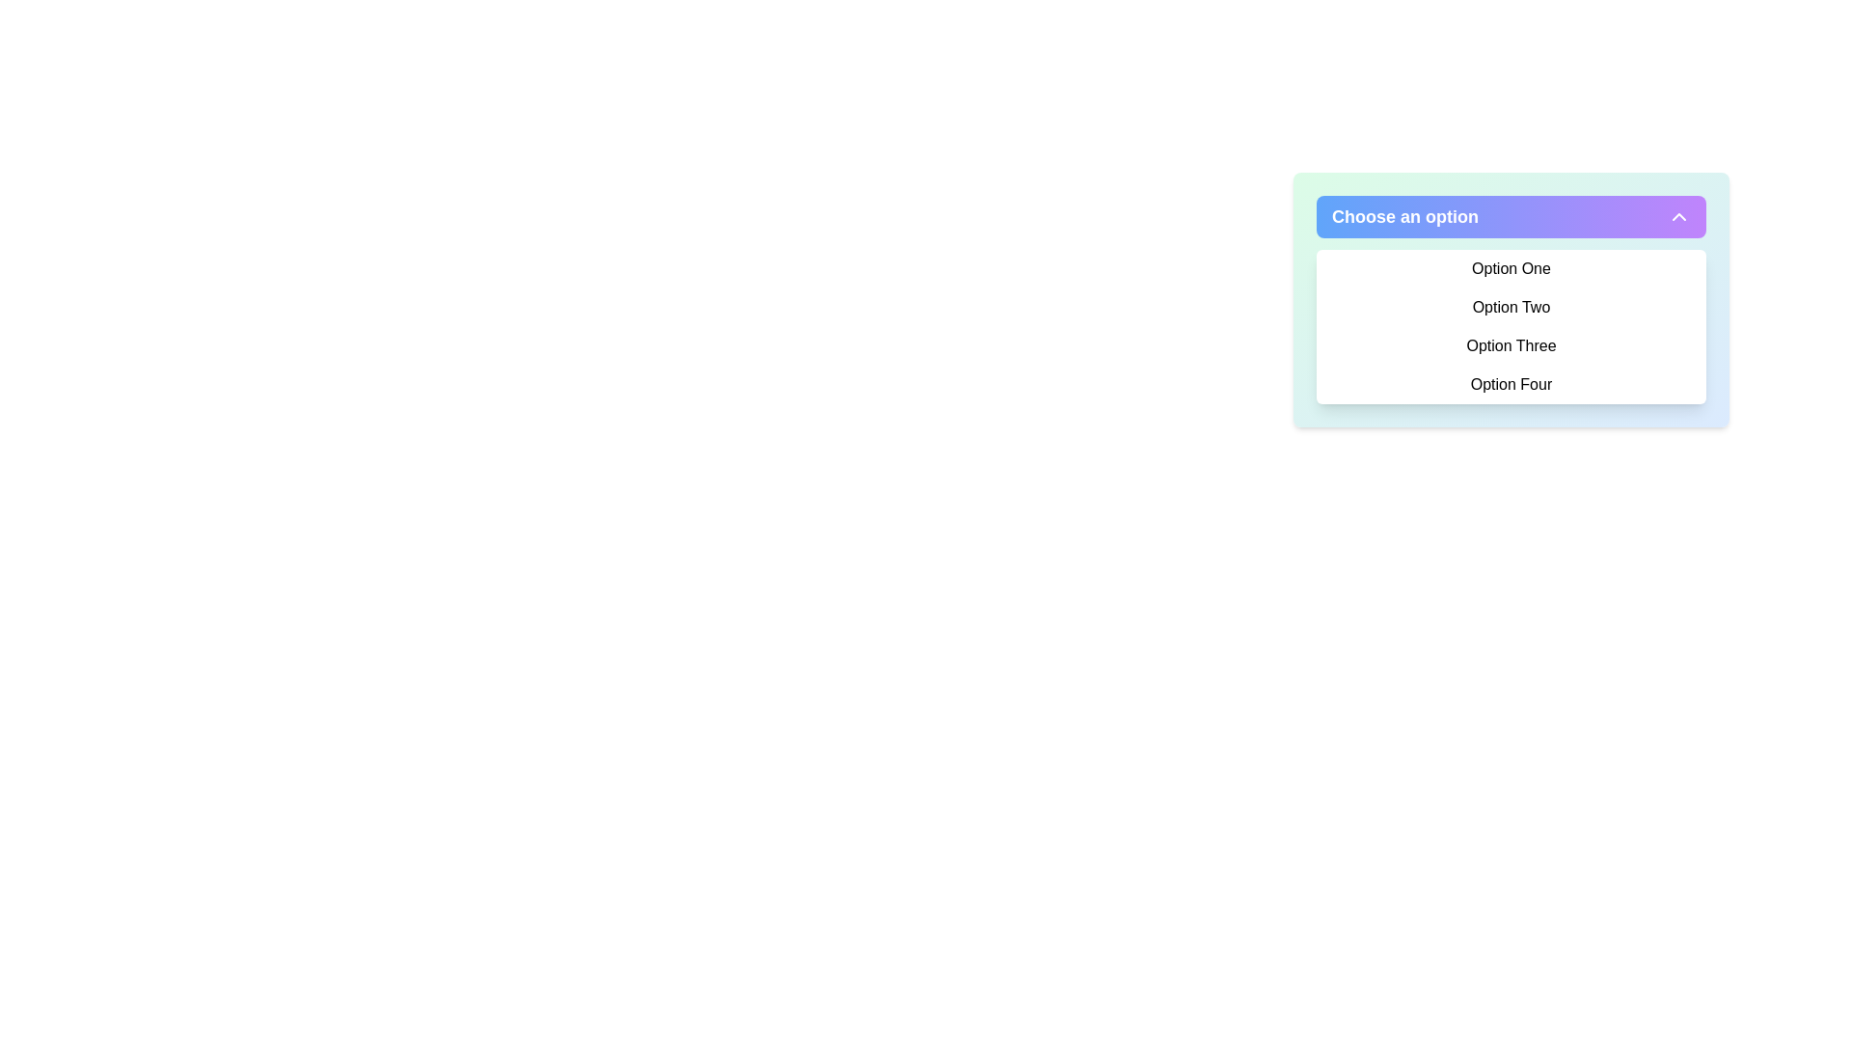 Image resolution: width=1852 pixels, height=1042 pixels. I want to click on the multi-colored gradient dropdown menu labeled 'Choose an option', so click(1510, 300).